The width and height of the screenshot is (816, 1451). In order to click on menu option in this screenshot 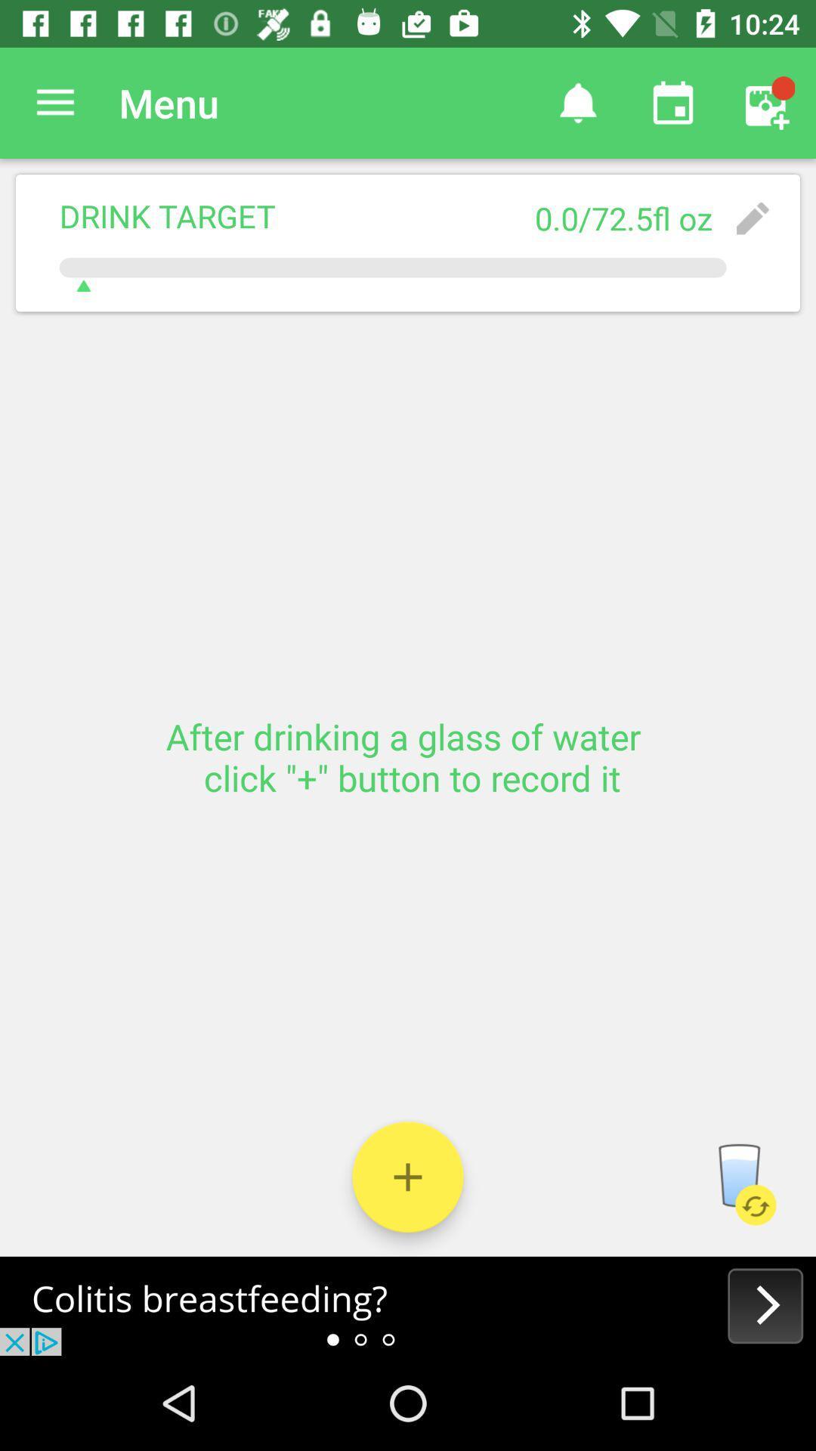, I will do `click(54, 102)`.